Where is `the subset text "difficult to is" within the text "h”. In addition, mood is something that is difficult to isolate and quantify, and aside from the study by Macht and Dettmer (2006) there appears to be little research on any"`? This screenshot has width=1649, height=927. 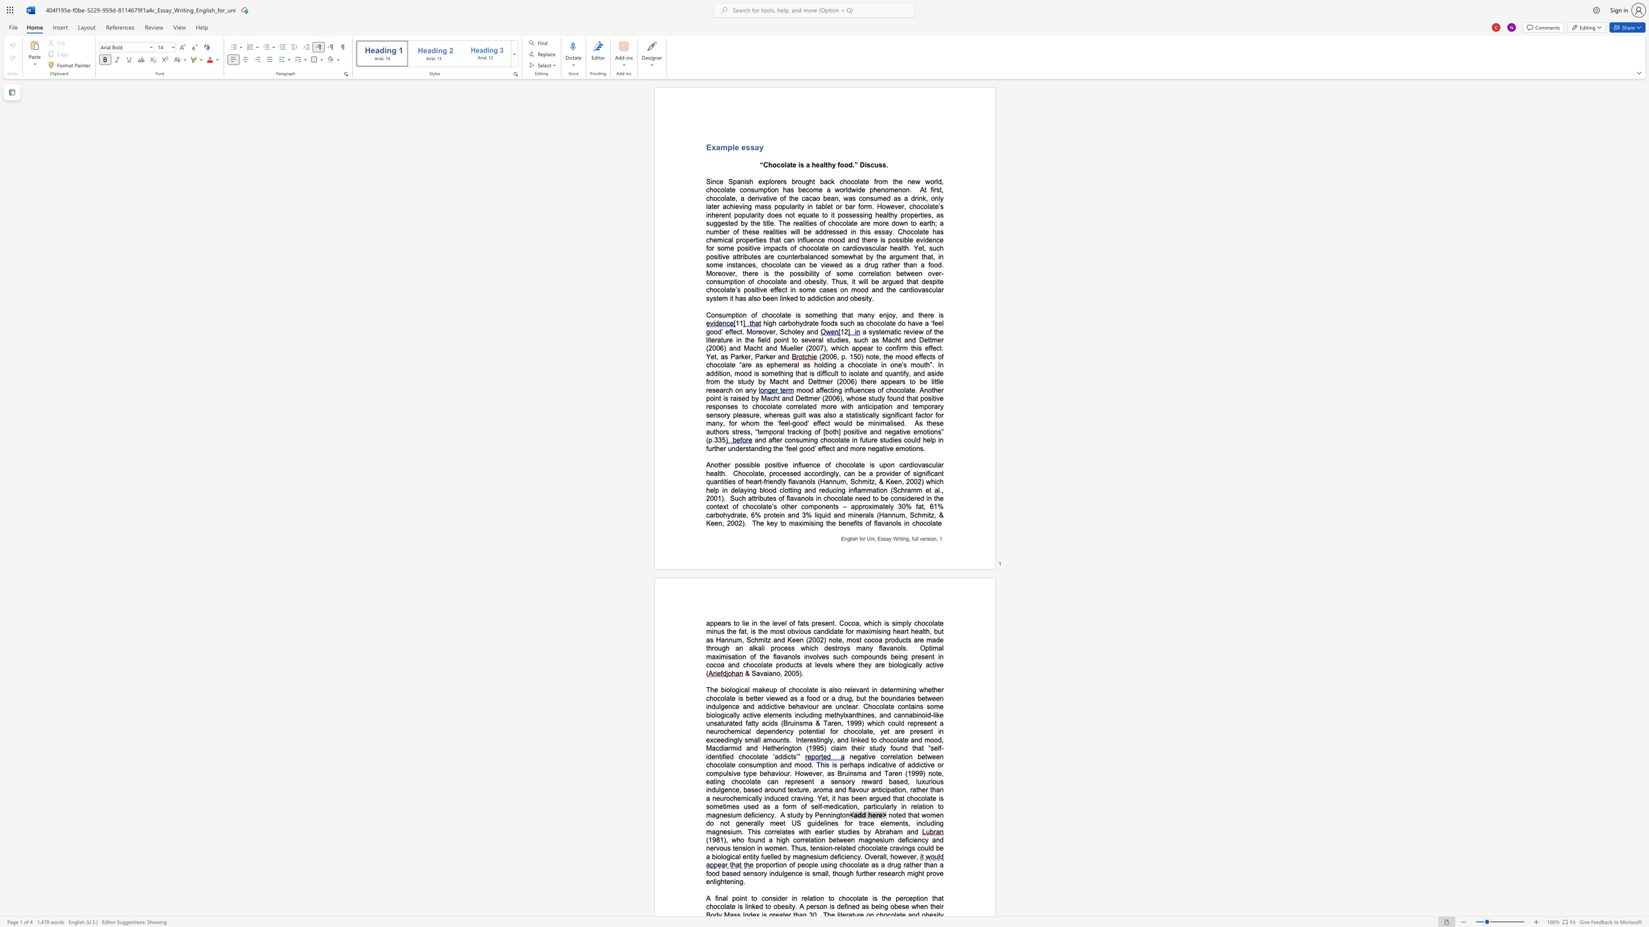 the subset text "difficult to is" within the text "h”. In addition, mood is something that is difficult to isolate and quantify, and aside from the study by Macht and Dettmer (2006) there appears to be little research on any" is located at coordinates (816, 373).